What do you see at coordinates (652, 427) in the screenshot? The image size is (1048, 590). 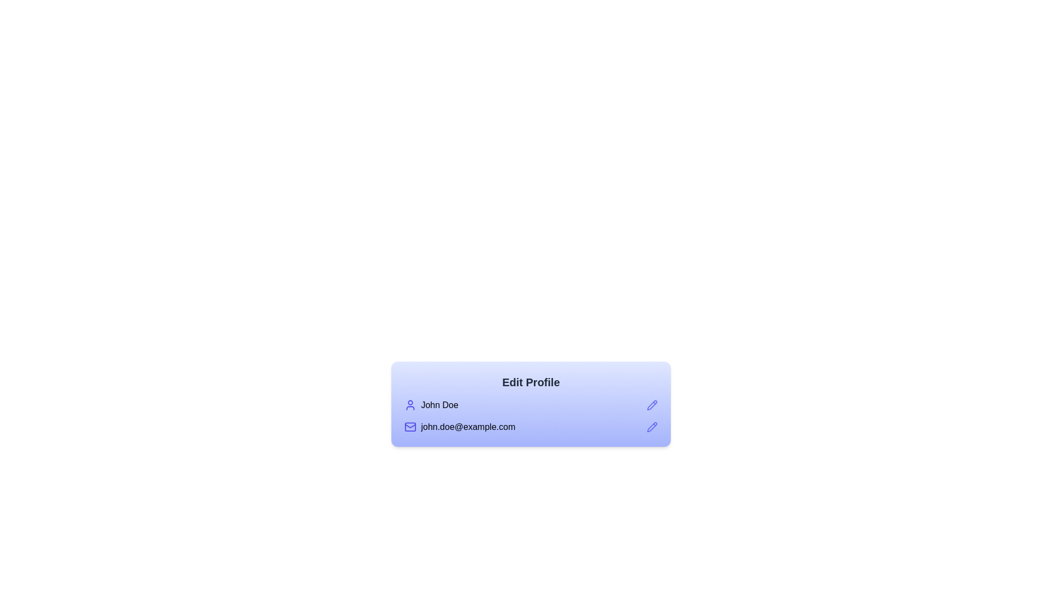 I see `the edit button located to the far right of the text 'john.doe@example.com'` at bounding box center [652, 427].